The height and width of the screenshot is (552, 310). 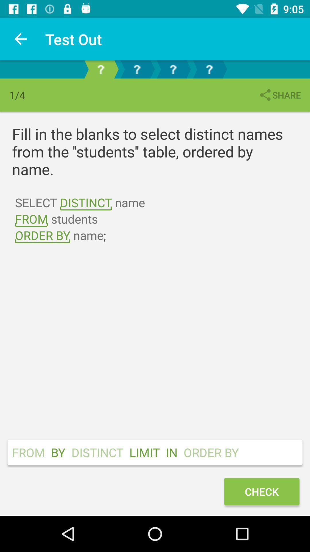 What do you see at coordinates (261, 491) in the screenshot?
I see `the check` at bounding box center [261, 491].